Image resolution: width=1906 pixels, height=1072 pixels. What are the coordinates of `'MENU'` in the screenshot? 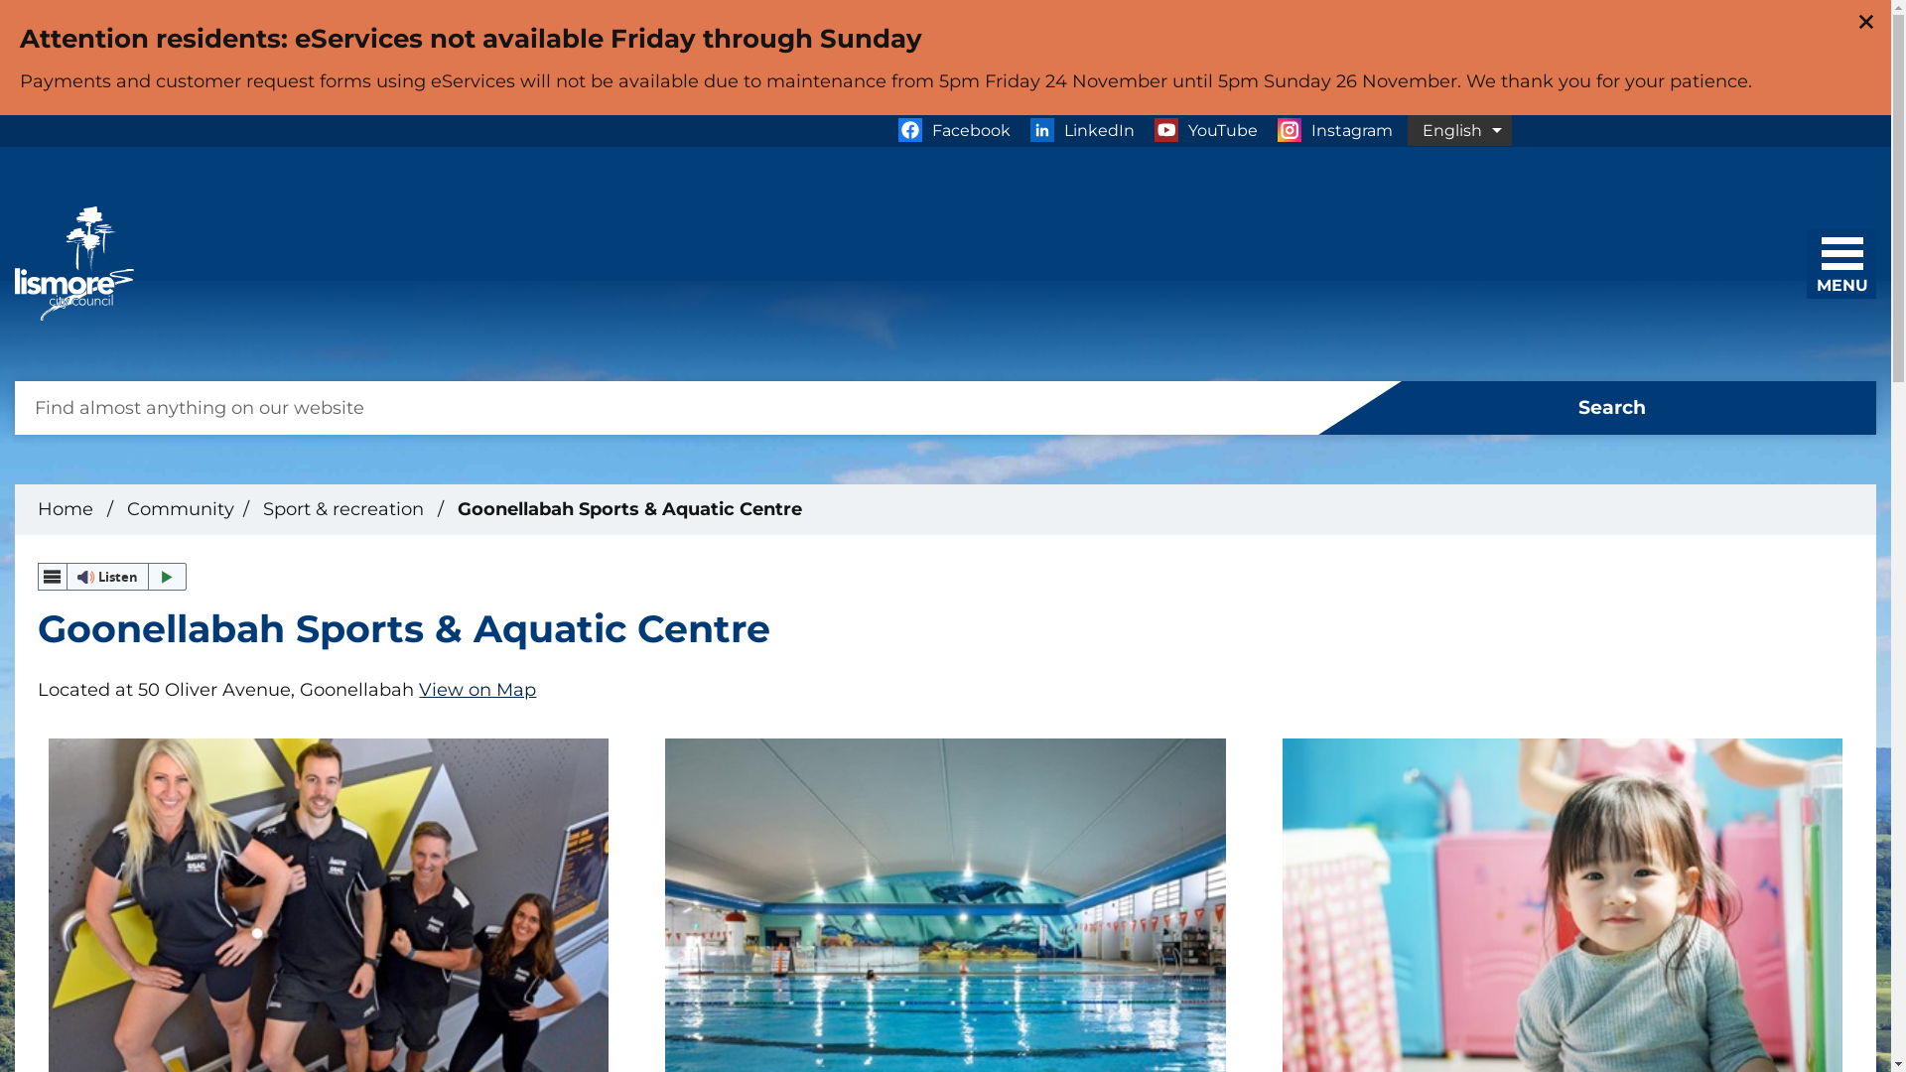 It's located at (1821, 256).